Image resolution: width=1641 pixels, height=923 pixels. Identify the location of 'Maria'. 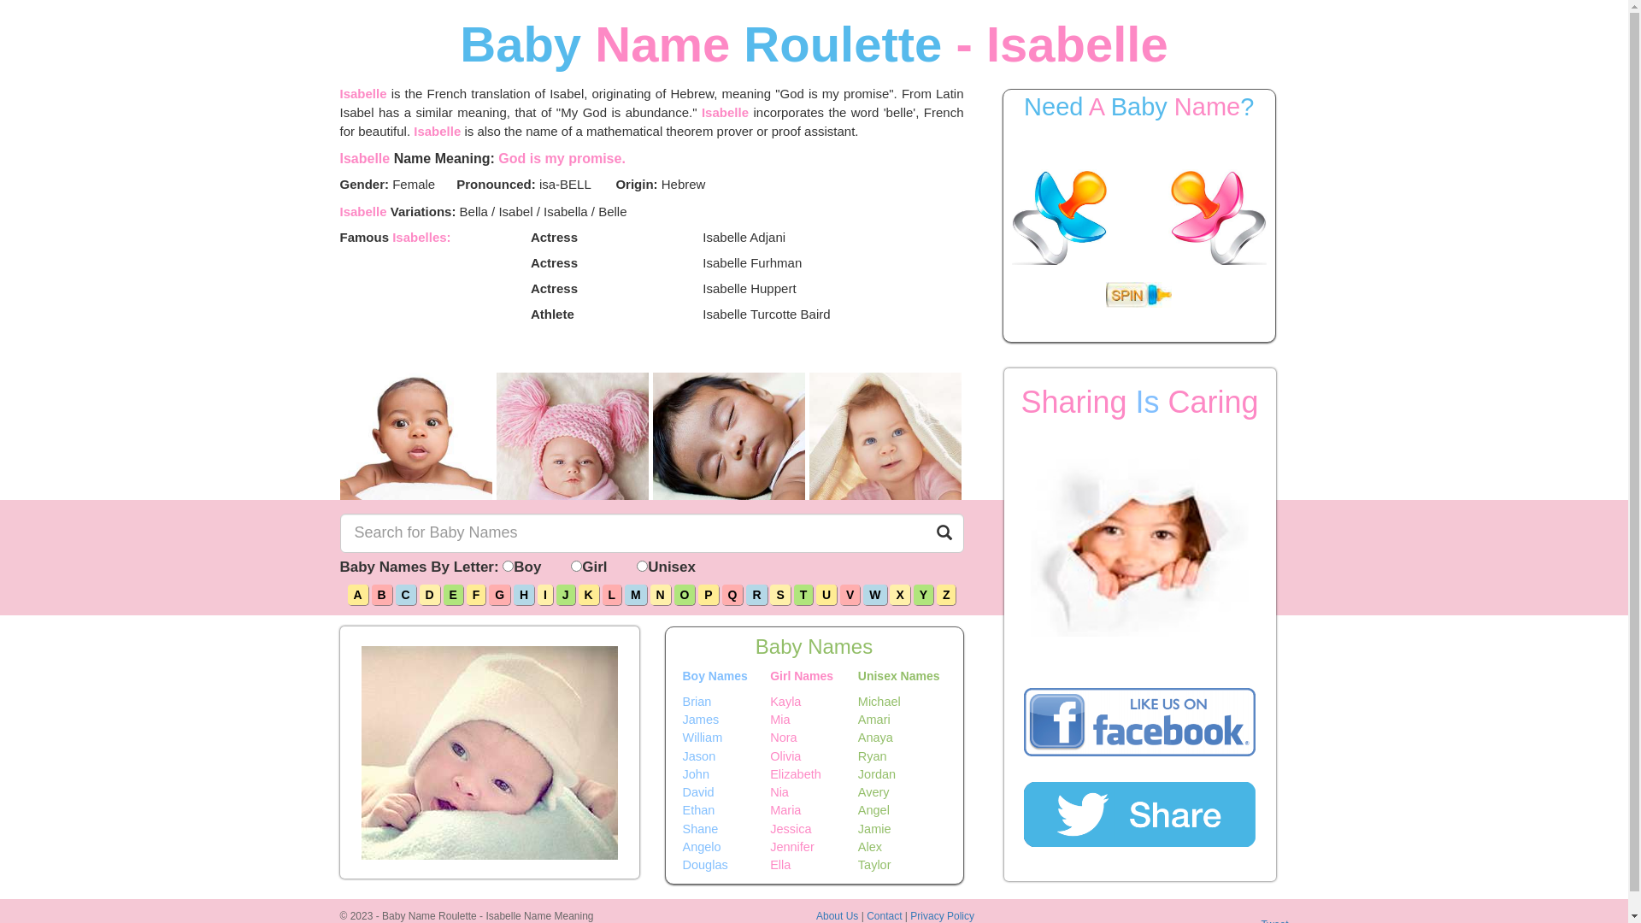
(813, 809).